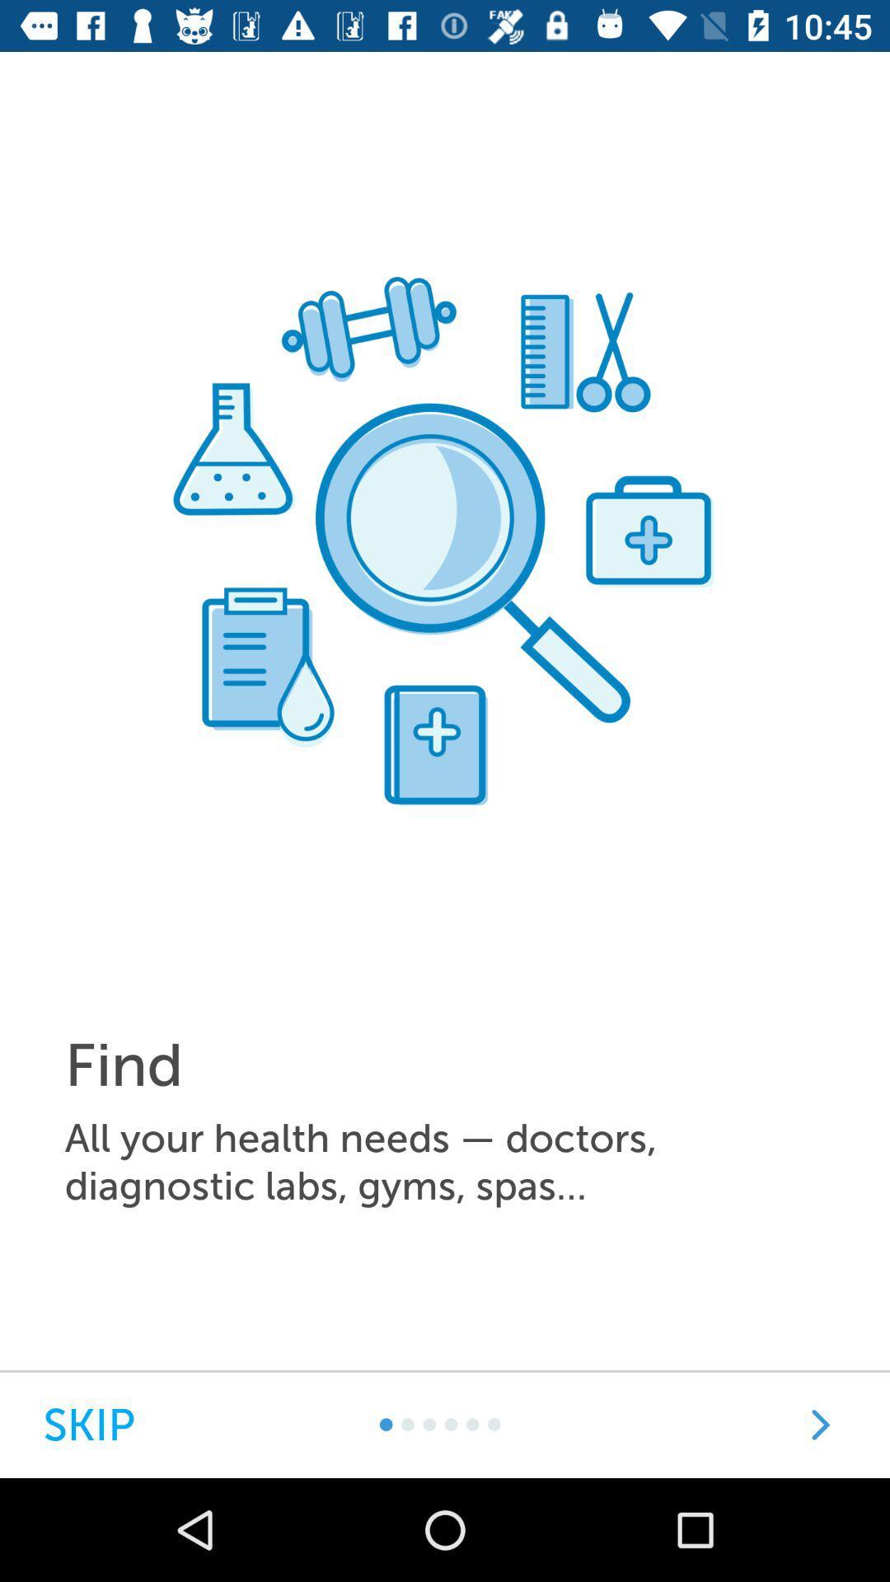 This screenshot has width=890, height=1582. I want to click on item at the bottom left corner, so click(89, 1424).